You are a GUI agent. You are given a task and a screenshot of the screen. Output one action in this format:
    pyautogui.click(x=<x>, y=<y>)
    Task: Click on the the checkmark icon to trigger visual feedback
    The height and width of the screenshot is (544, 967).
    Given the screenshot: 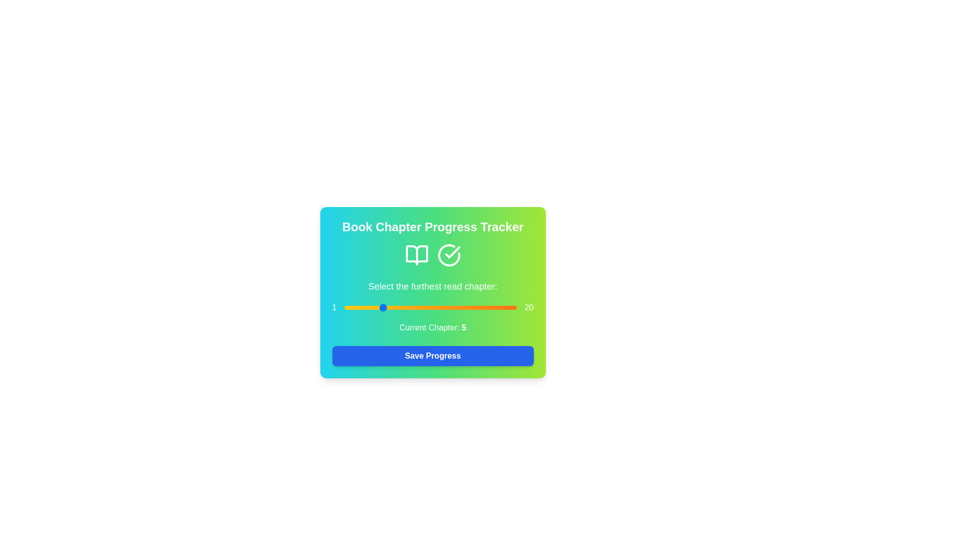 What is the action you would take?
    pyautogui.click(x=448, y=254)
    